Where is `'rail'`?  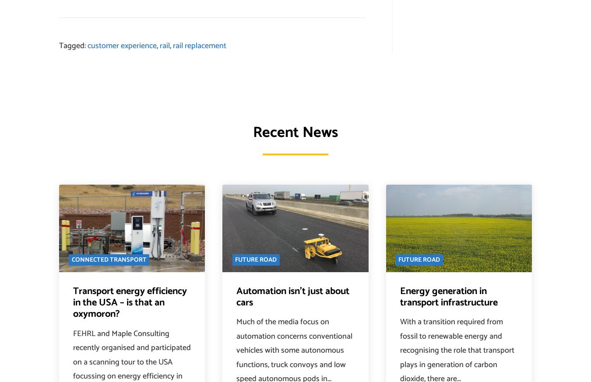 'rail' is located at coordinates (165, 46).